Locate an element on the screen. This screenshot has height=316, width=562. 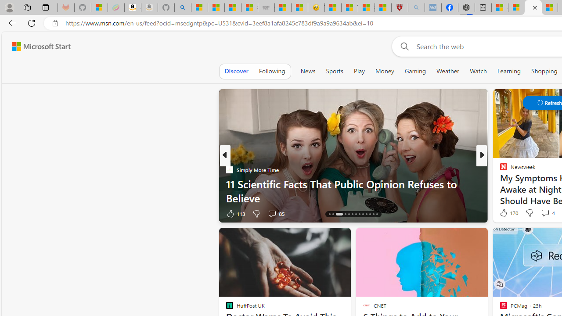
'View comments 85 Comment' is located at coordinates (275, 213).